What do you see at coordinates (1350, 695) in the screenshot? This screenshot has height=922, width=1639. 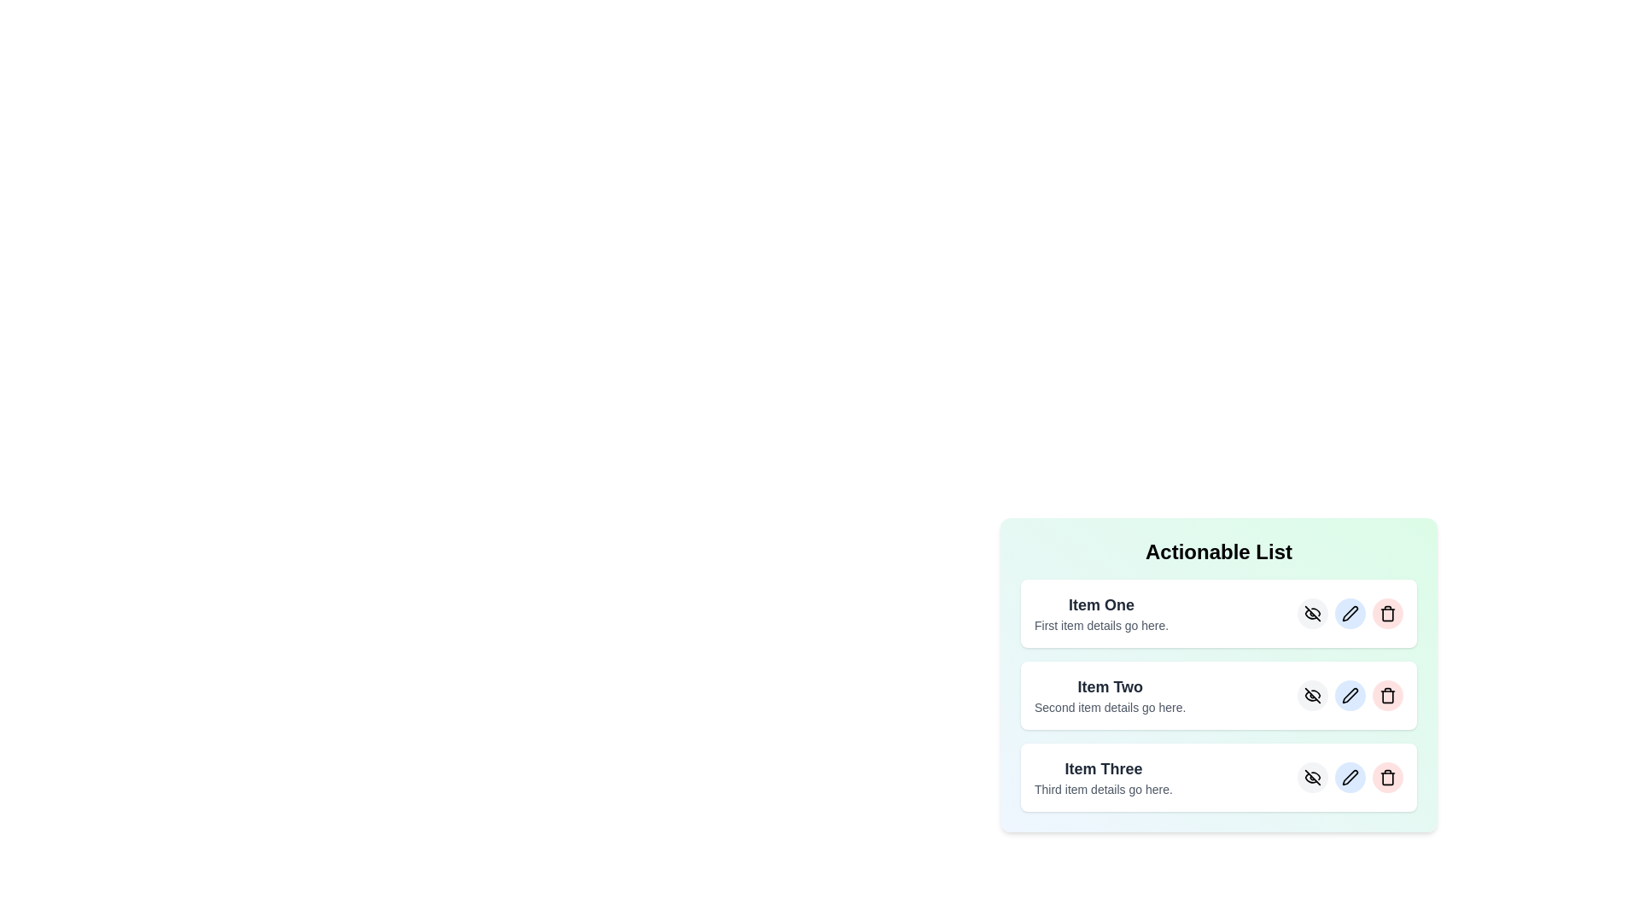 I see `edit button for the item labeled Item Two` at bounding box center [1350, 695].